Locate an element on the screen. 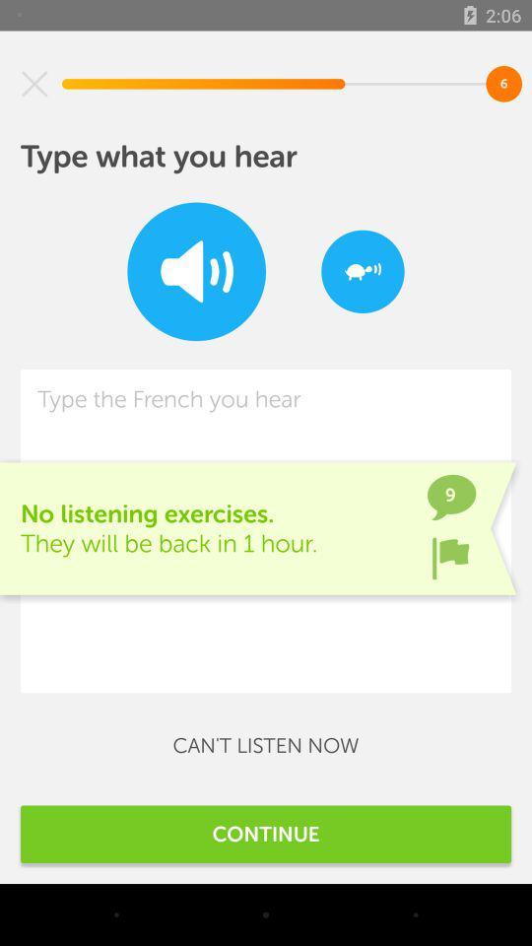  the icon at the top right corner is located at coordinates (362, 270).